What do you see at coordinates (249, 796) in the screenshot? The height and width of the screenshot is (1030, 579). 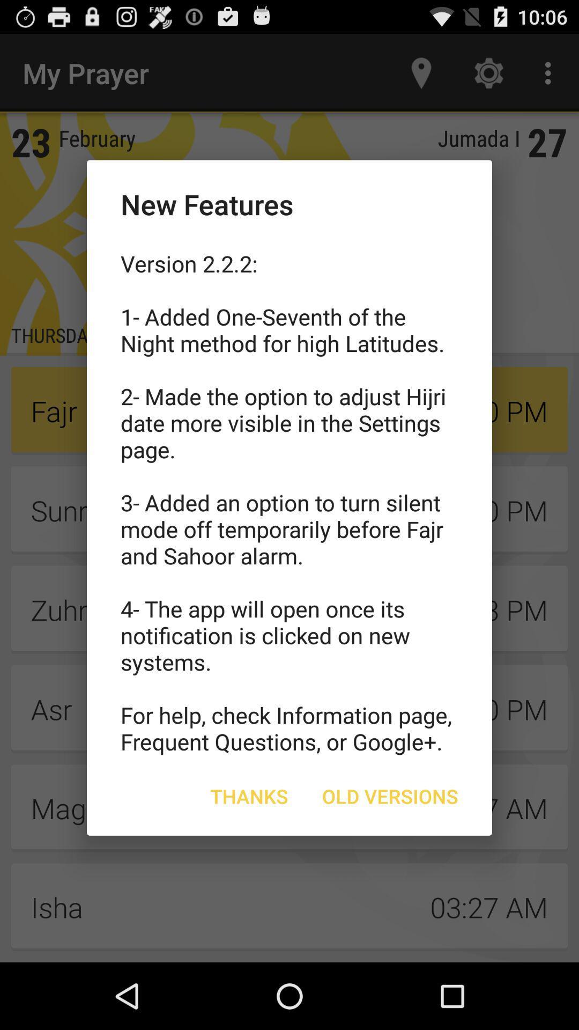 I see `the thanks at the bottom` at bounding box center [249, 796].